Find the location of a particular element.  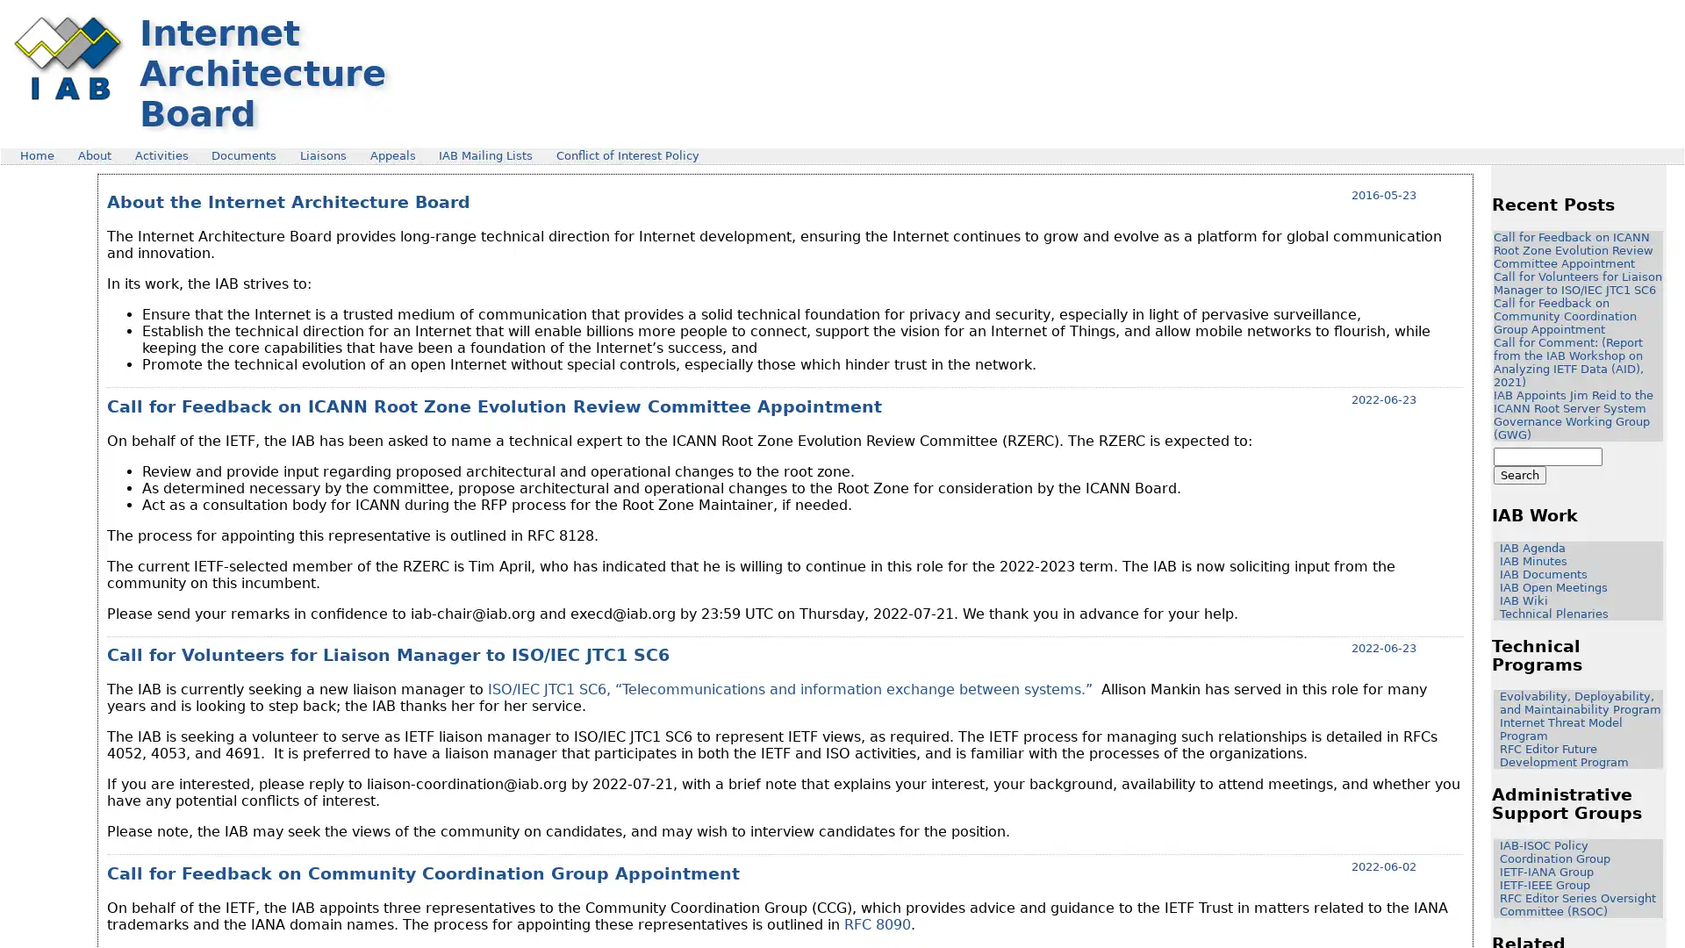

Search is located at coordinates (1519, 475).